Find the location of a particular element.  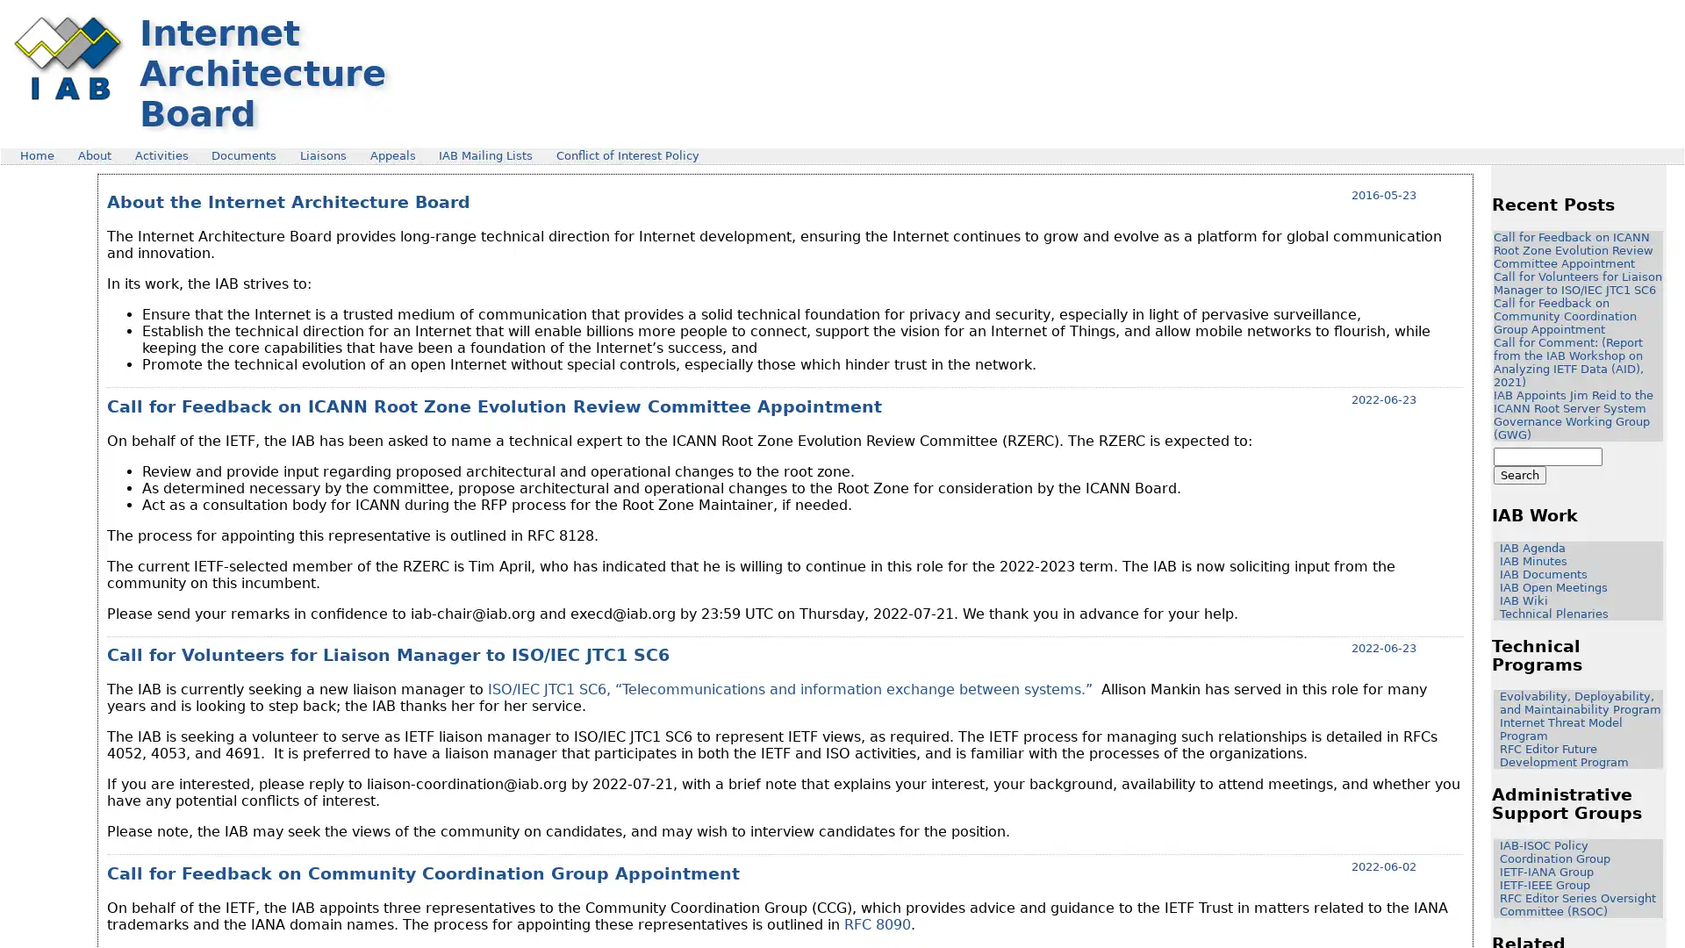

Search is located at coordinates (1519, 475).